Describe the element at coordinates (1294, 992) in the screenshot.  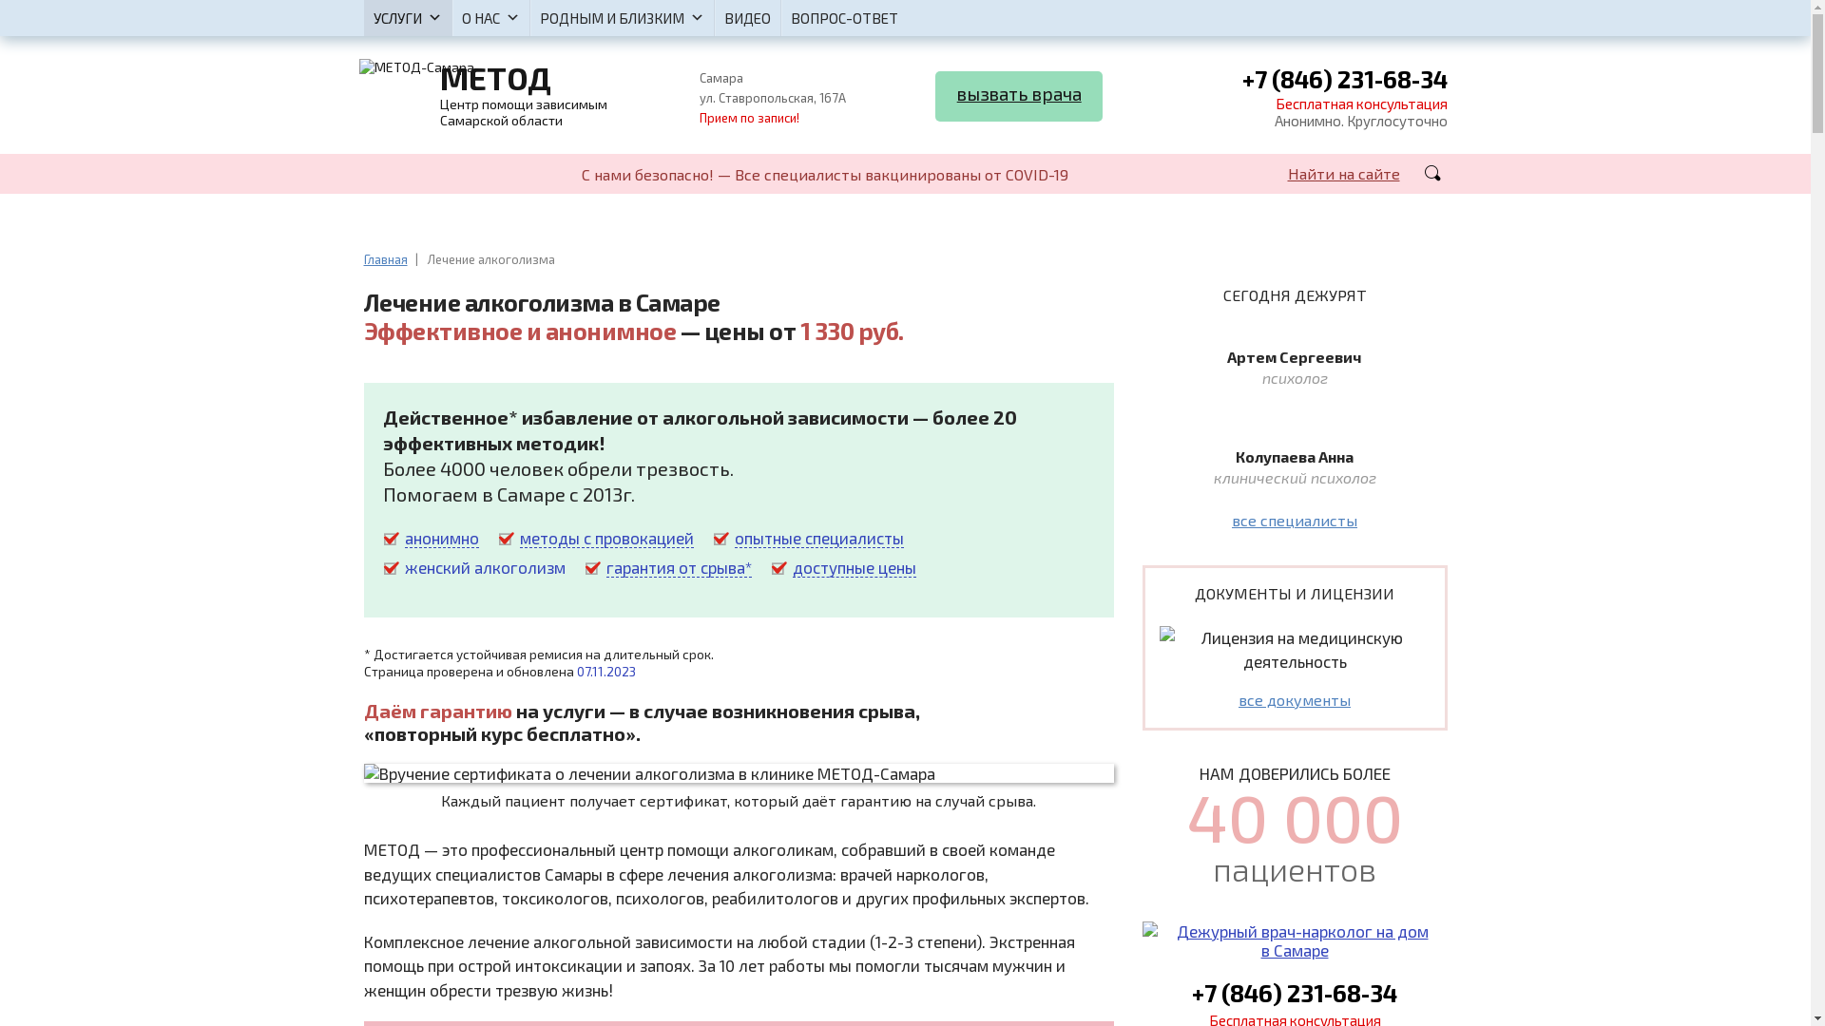
I see `'+7 (846) 231-68-34'` at that location.